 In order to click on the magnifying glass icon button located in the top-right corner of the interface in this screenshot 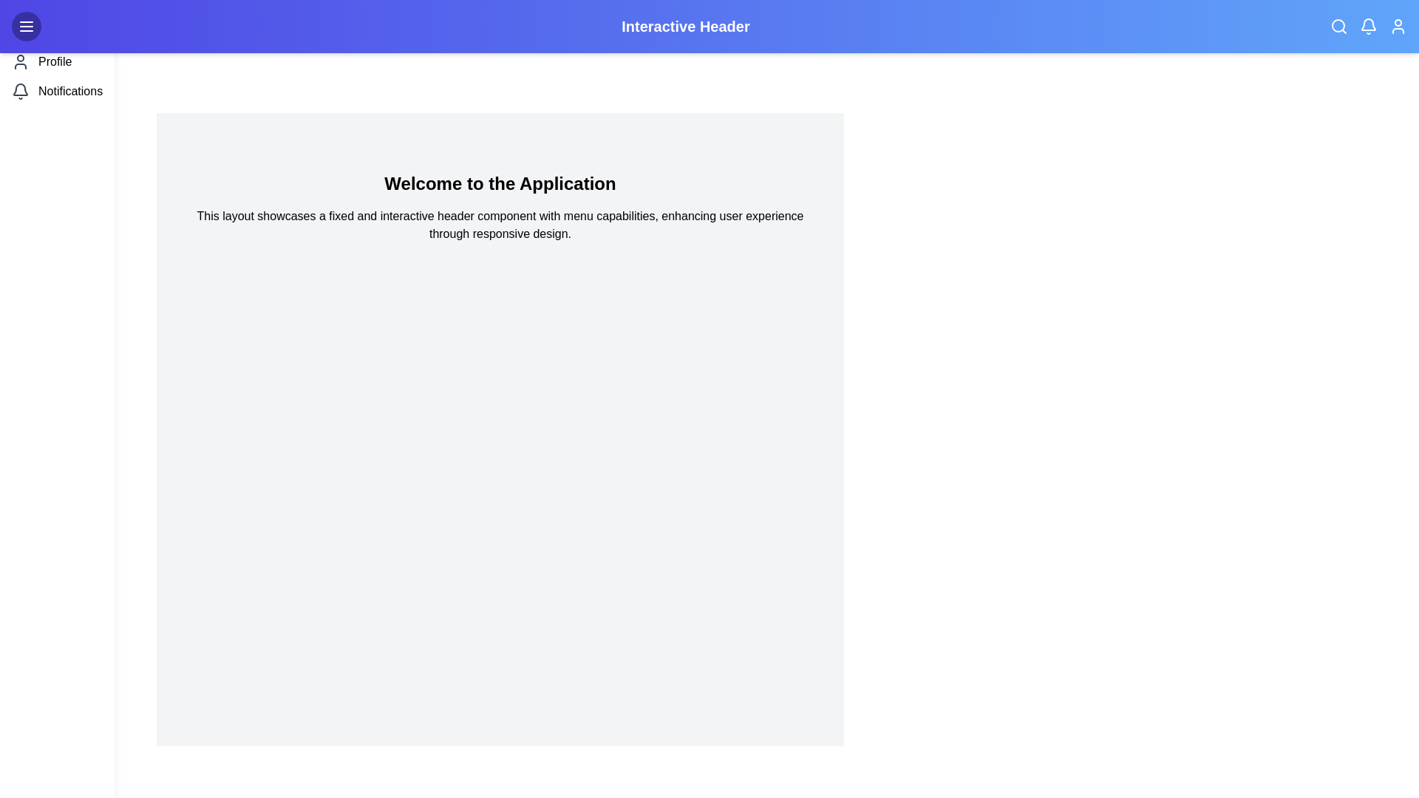, I will do `click(1338, 26)`.